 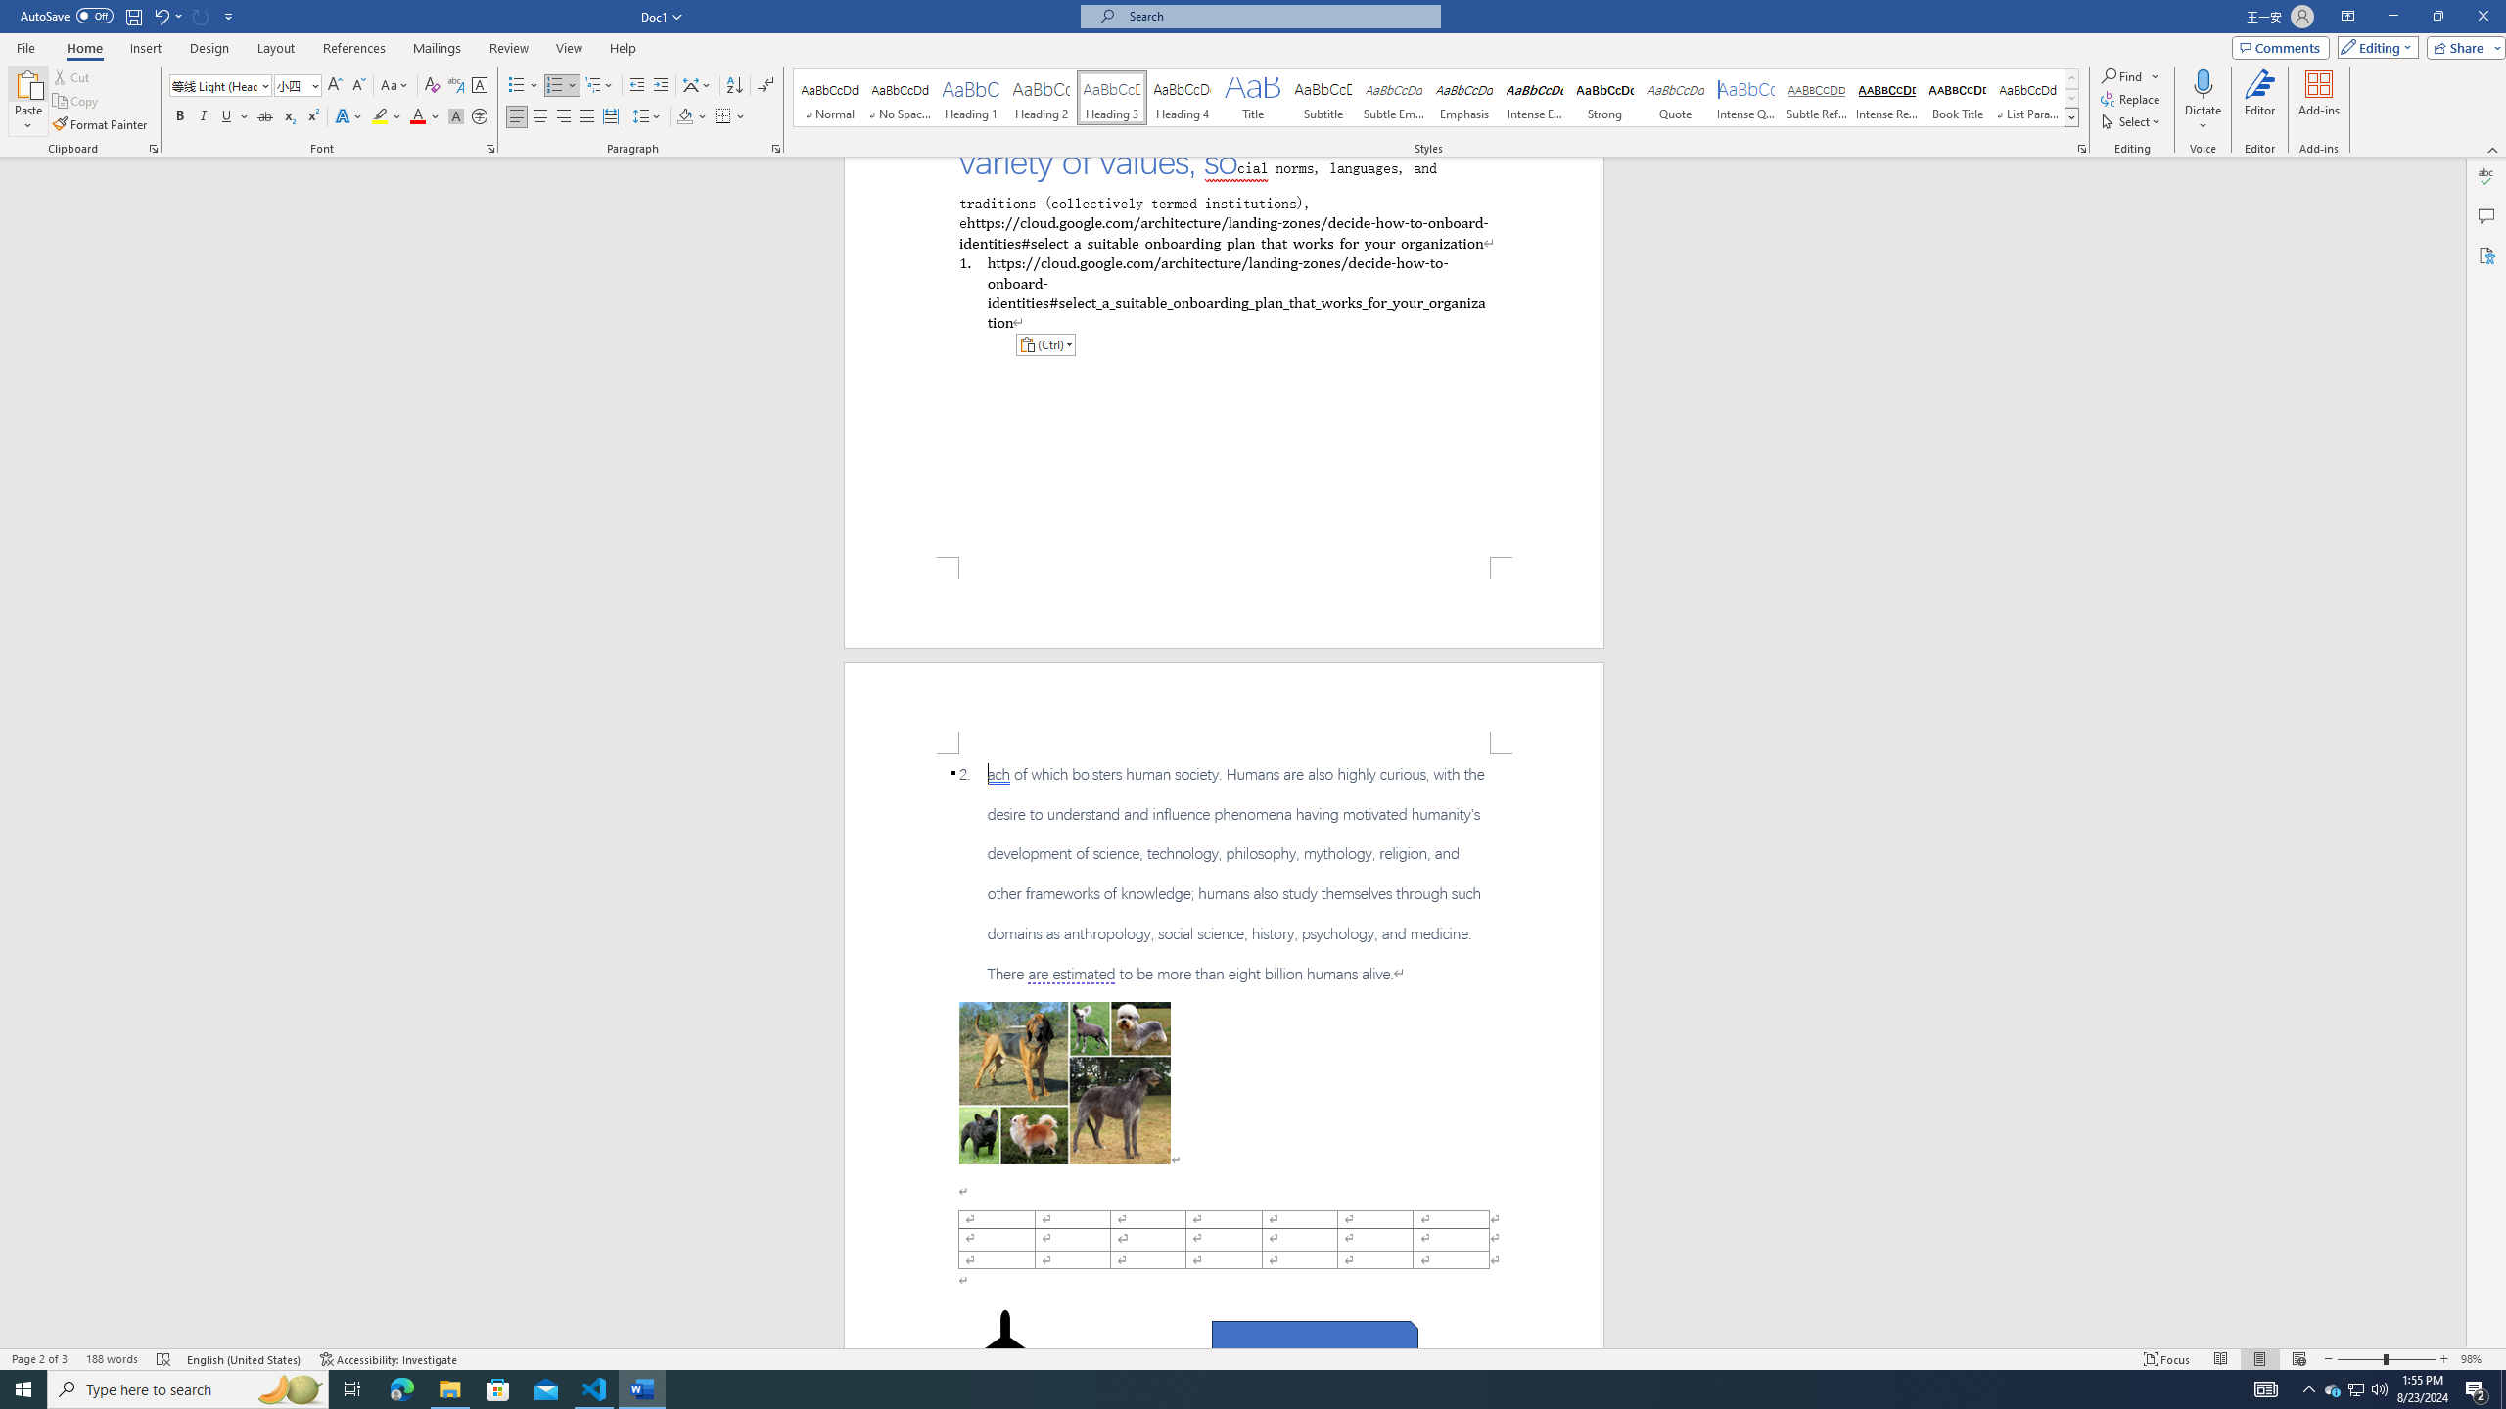 What do you see at coordinates (243, 1359) in the screenshot?
I see `'Language English (United States)'` at bounding box center [243, 1359].